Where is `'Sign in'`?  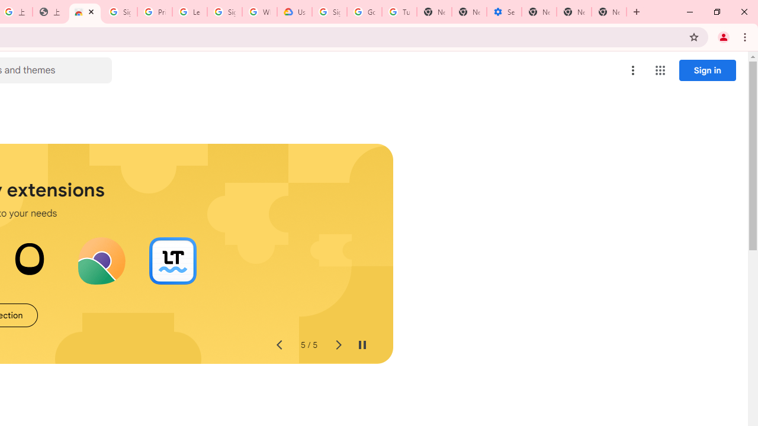
'Sign in' is located at coordinates (707, 70).